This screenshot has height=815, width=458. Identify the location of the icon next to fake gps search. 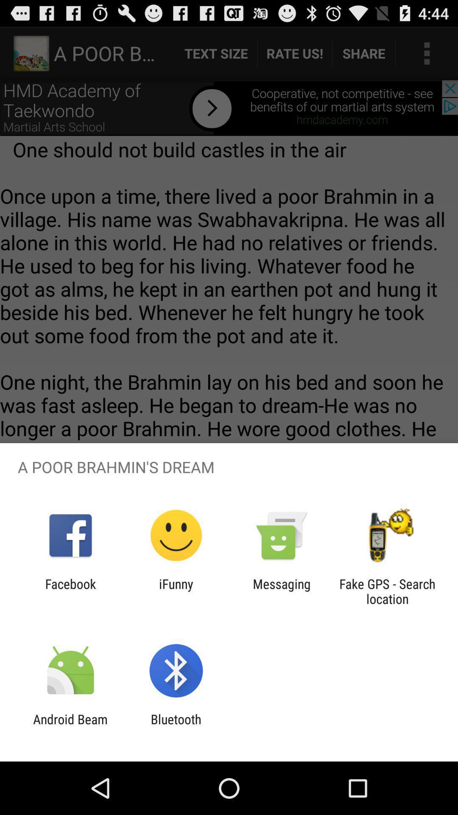
(282, 591).